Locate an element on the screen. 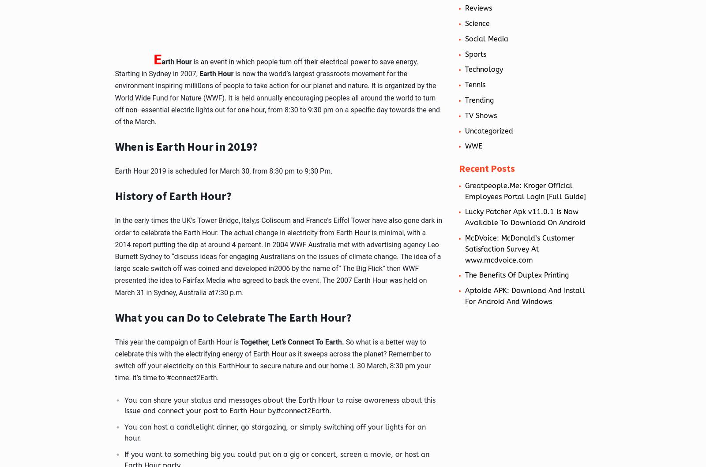  'You can share your status and messages about the Earth Hour to raise awareness about this issue and connect your post to Earth Hour by#connect2Earth.' is located at coordinates (124, 405).